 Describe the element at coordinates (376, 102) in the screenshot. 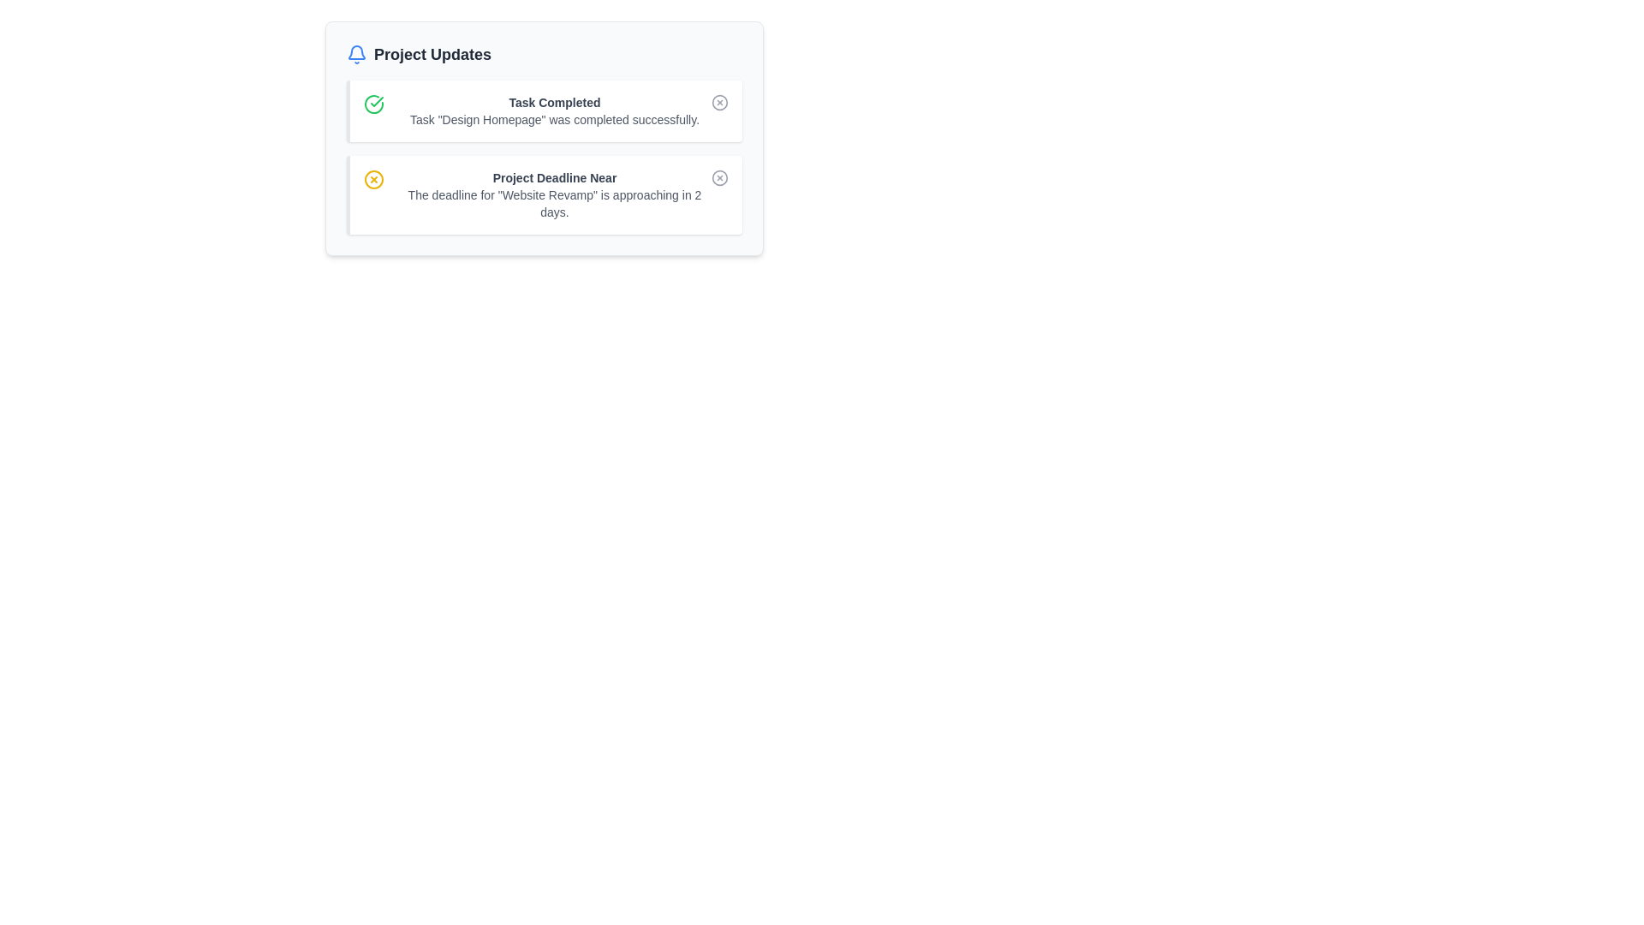

I see `the green checkmark icon representing task completion, located to the left of the 'Task Completed' text in the Project Updates card layout` at that location.